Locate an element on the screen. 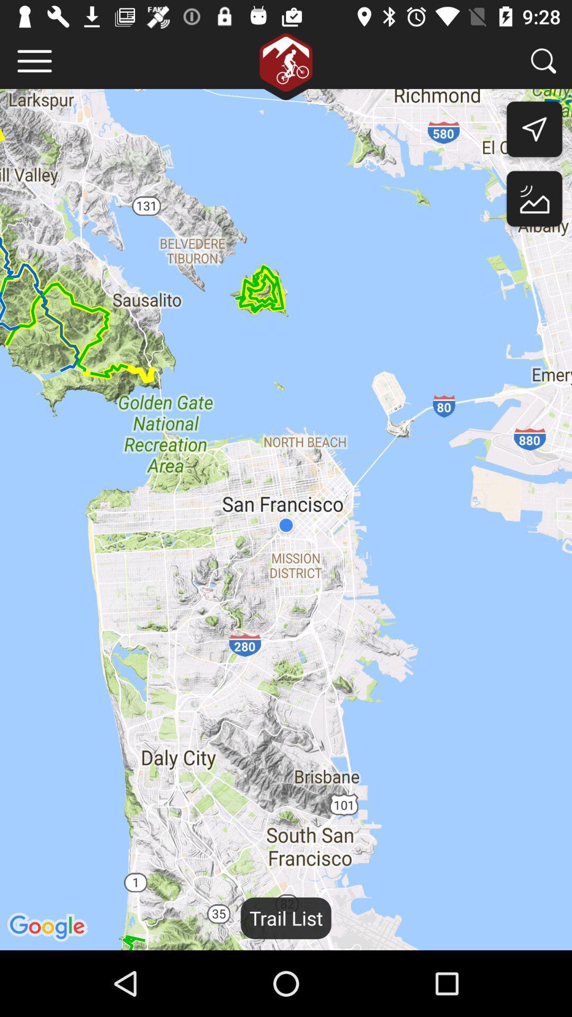  search box is located at coordinates (543, 60).